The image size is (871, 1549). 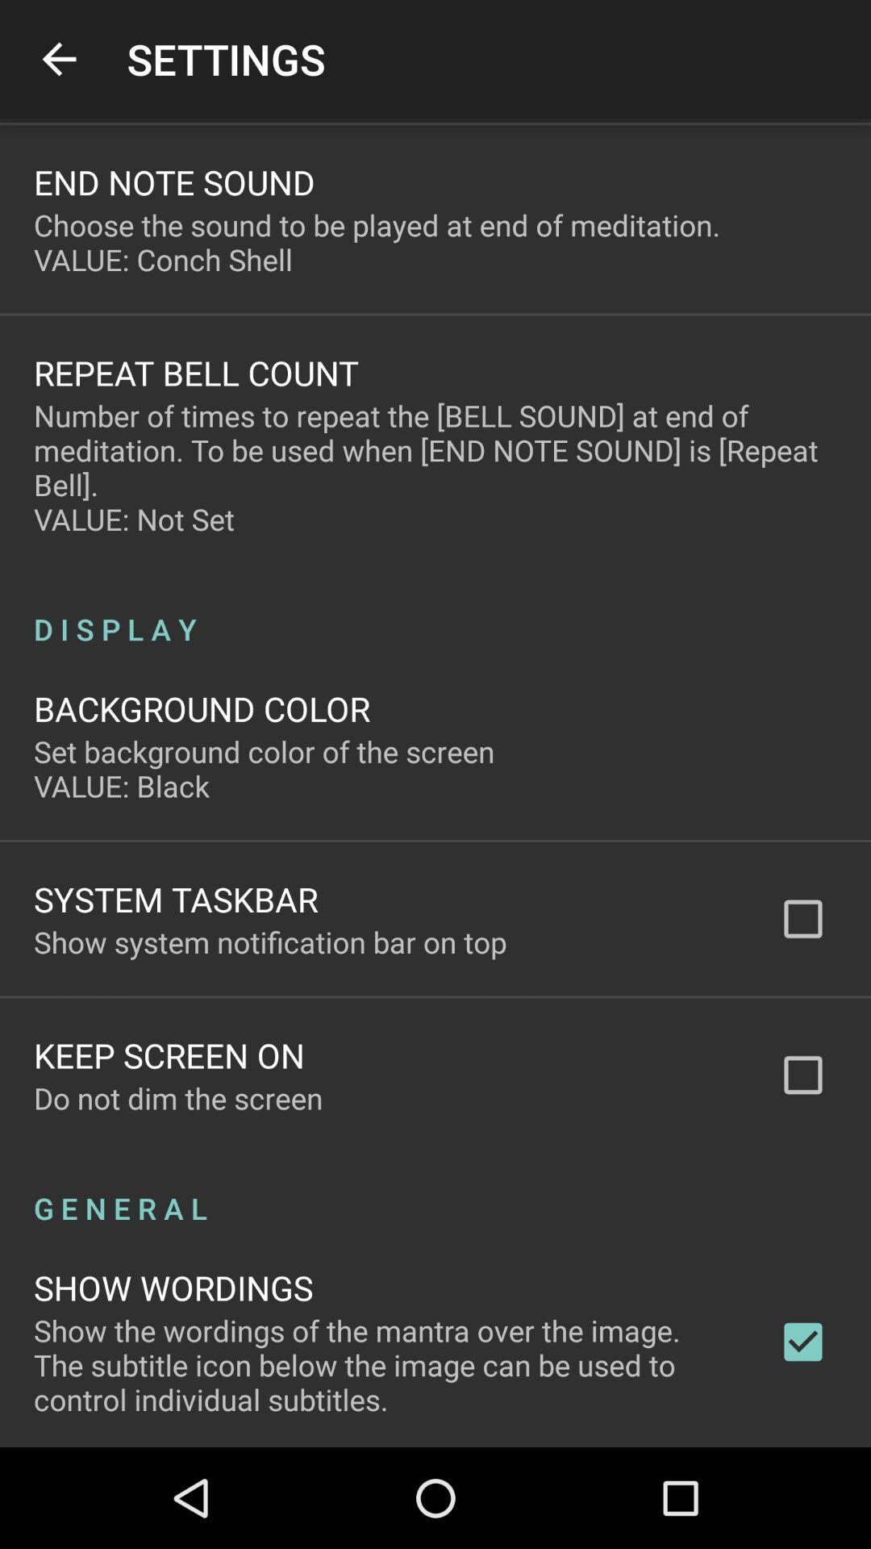 I want to click on icon below set background color item, so click(x=176, y=898).